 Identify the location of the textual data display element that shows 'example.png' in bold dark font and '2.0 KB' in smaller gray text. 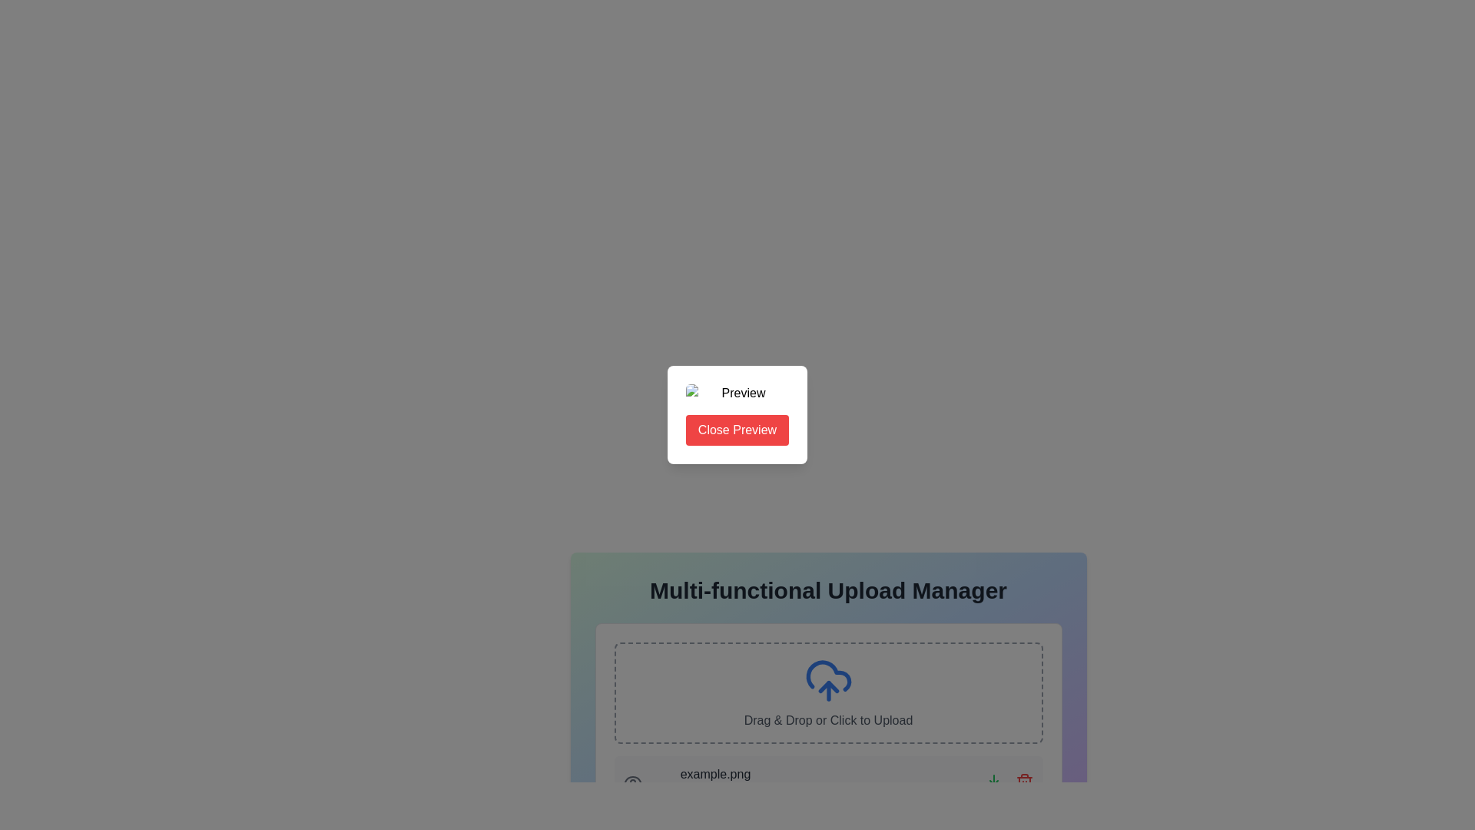
(699, 782).